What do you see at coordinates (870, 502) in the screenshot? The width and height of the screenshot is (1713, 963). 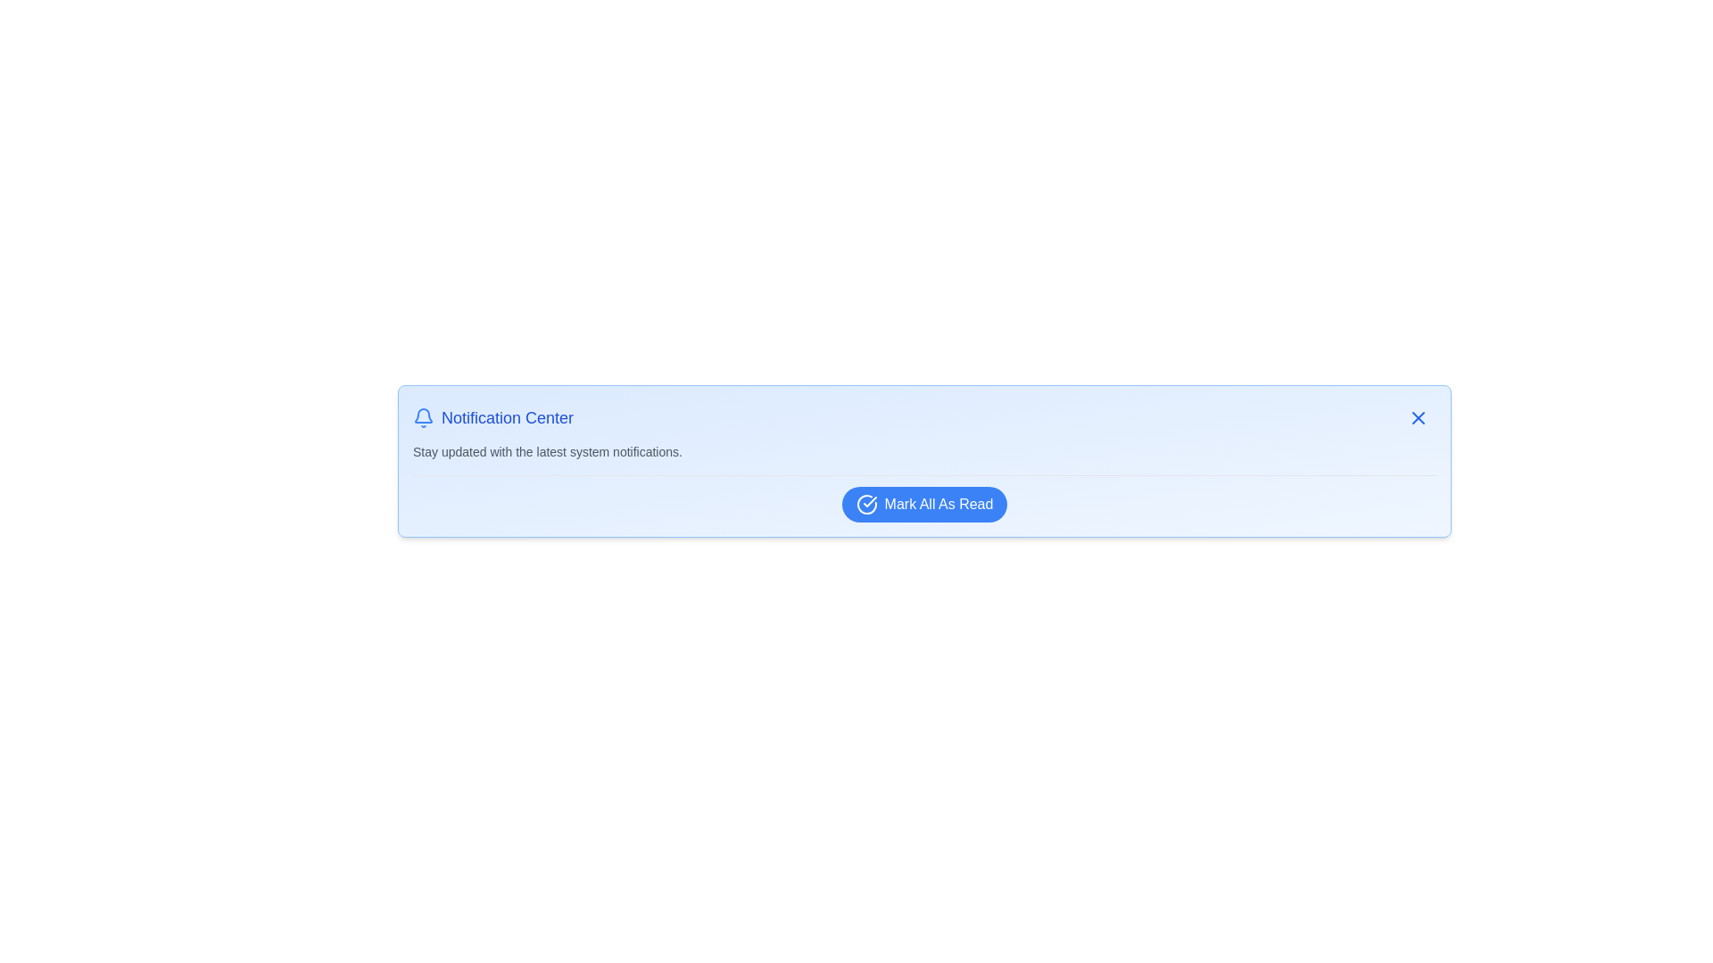 I see `the confirmation icon within the 'Mark All As Read' button located in the middle-right of the notification panel` at bounding box center [870, 502].